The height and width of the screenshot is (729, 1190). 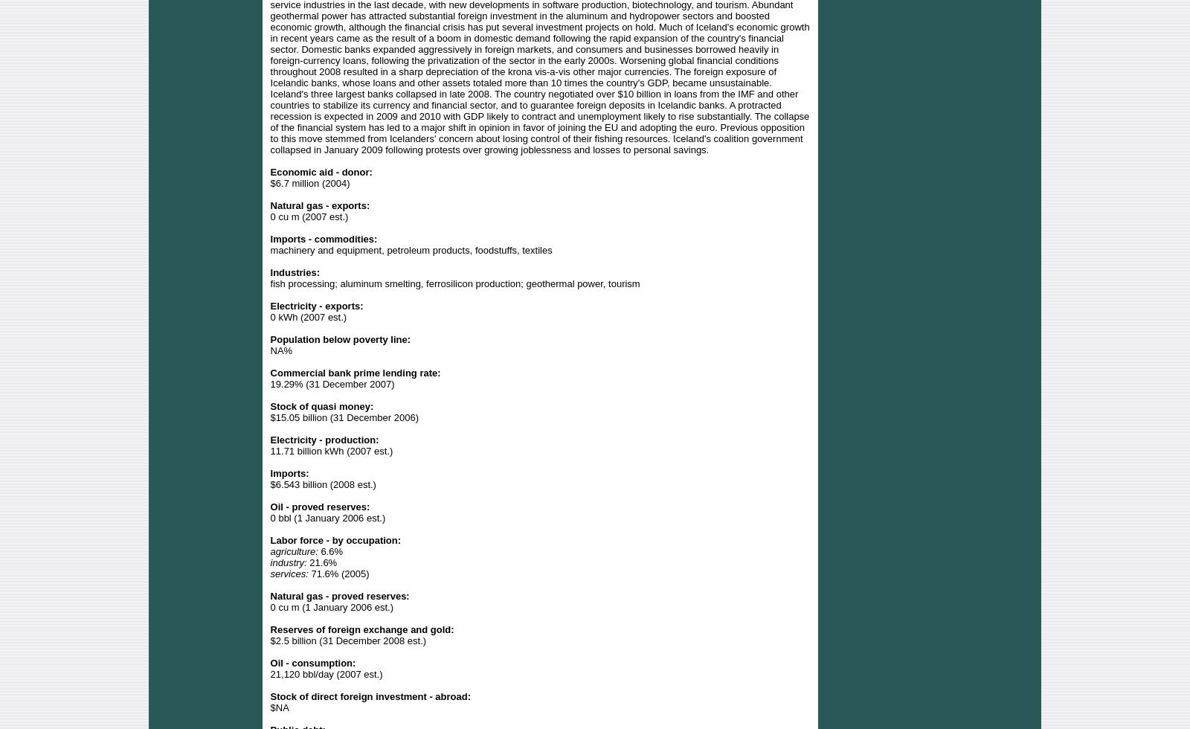 I want to click on 'Commercial bank prime lending rate:', so click(x=354, y=372).